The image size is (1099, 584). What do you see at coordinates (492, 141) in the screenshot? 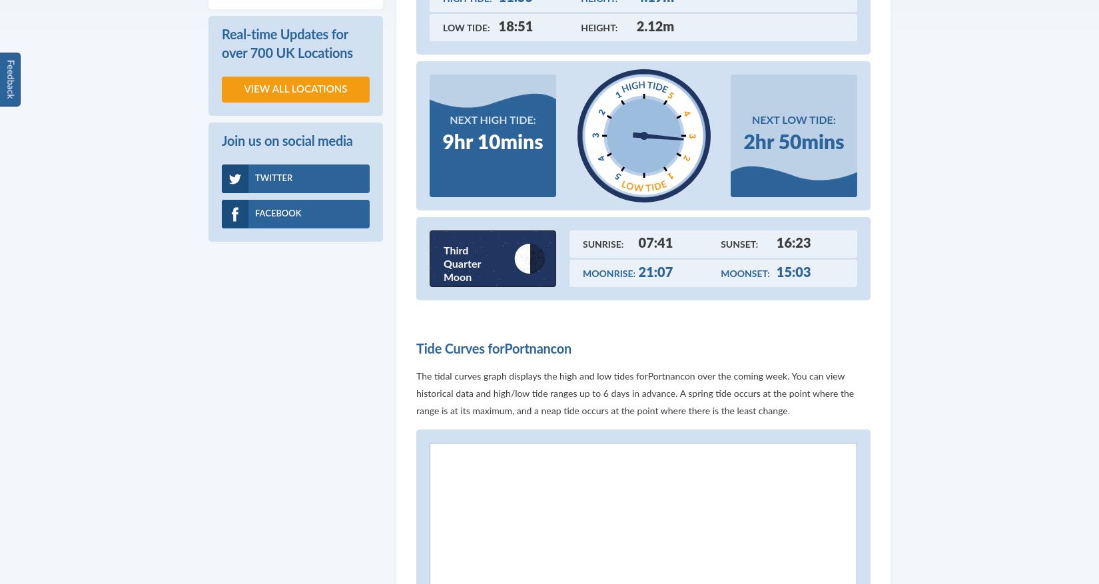
I see `'9hr 10mins'` at bounding box center [492, 141].